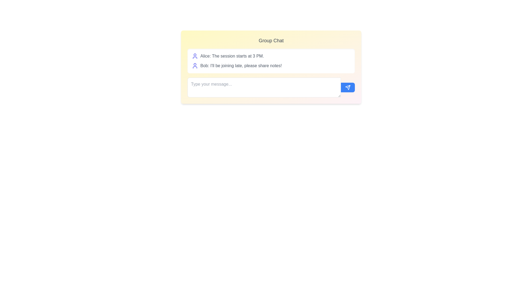 This screenshot has height=289, width=515. I want to click on the second user message in the chat interface, so click(271, 66).